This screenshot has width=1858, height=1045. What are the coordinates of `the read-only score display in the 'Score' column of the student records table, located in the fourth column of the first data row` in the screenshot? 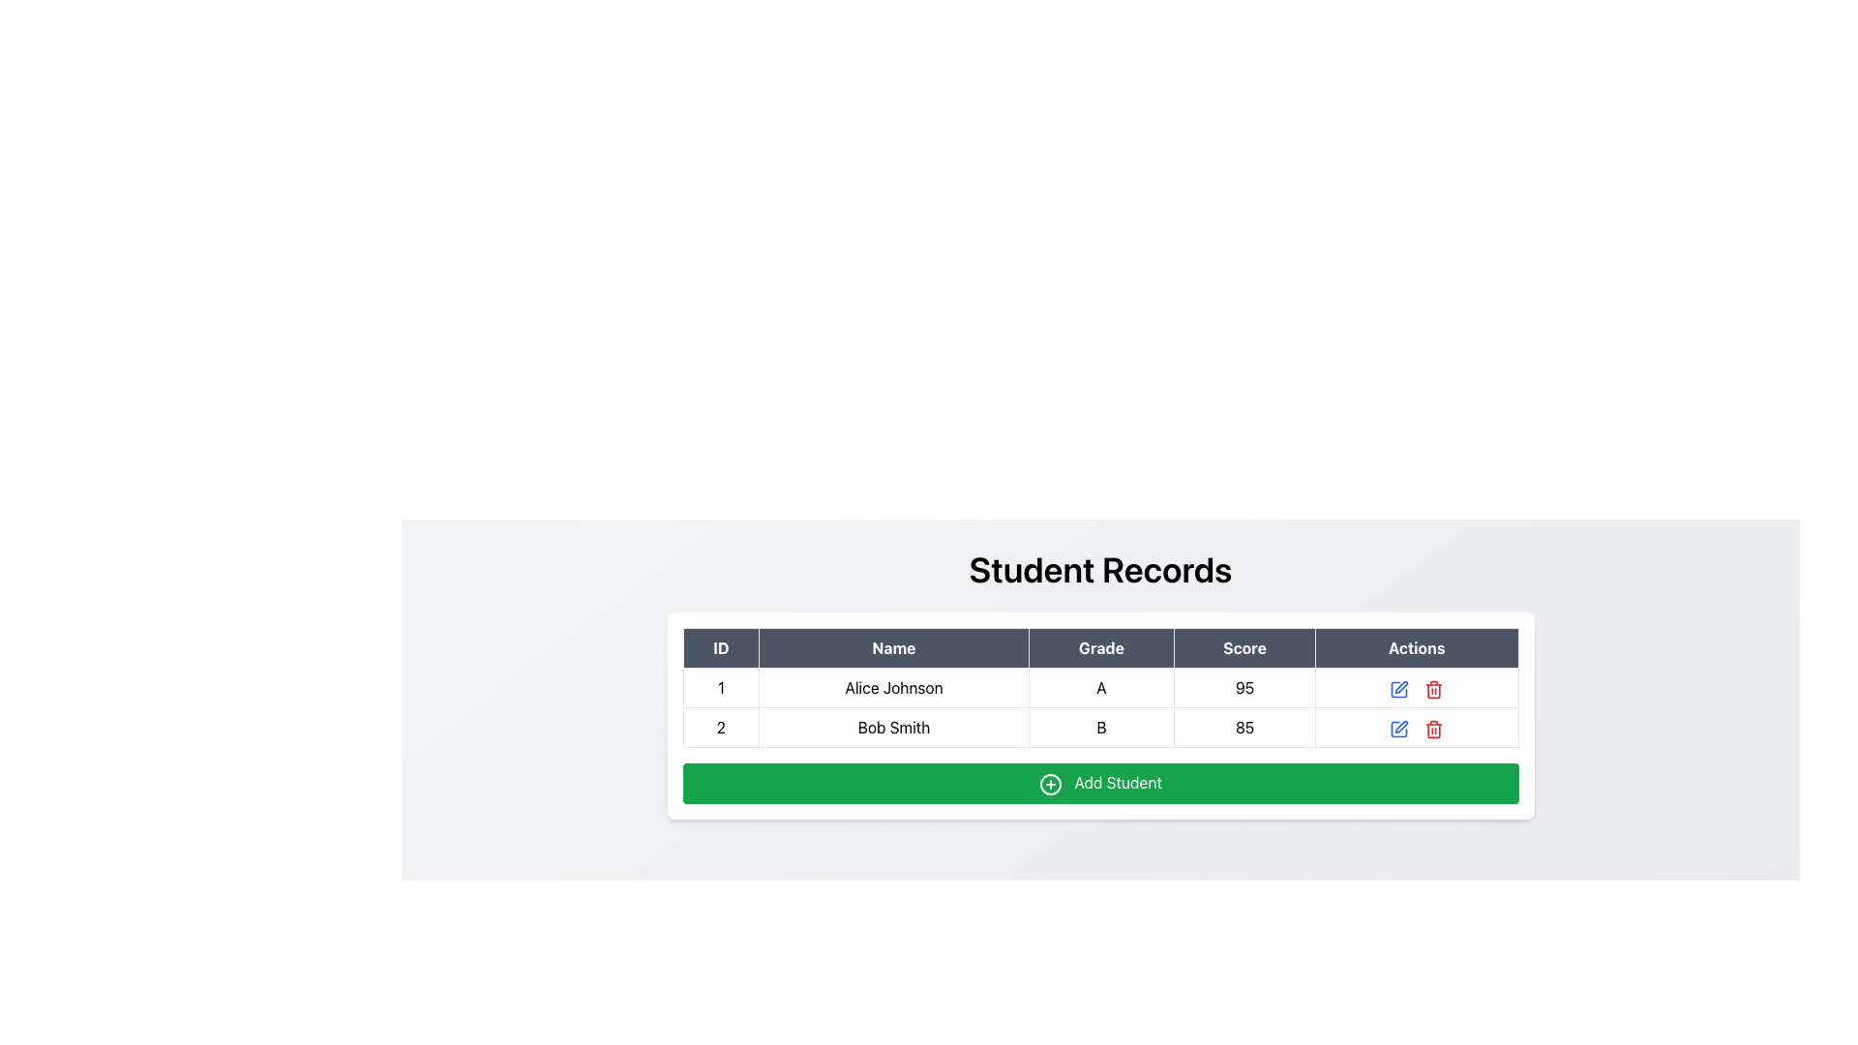 It's located at (1244, 686).